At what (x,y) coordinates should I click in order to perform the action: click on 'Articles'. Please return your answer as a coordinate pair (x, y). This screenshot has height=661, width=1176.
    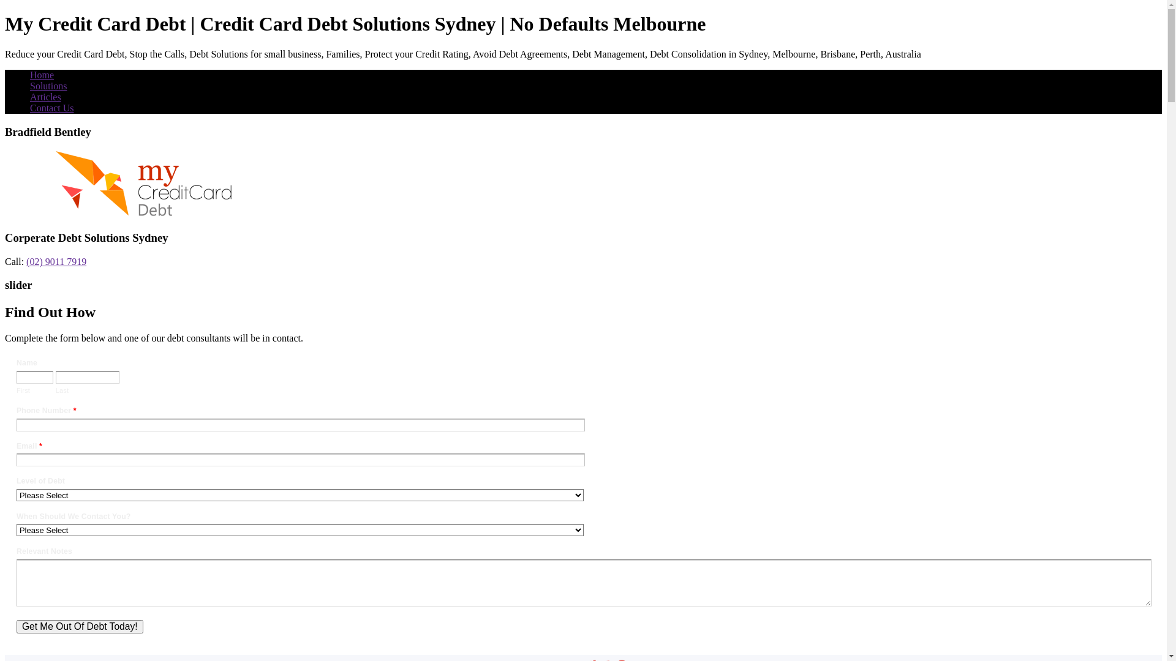
    Looking at the image, I should click on (45, 96).